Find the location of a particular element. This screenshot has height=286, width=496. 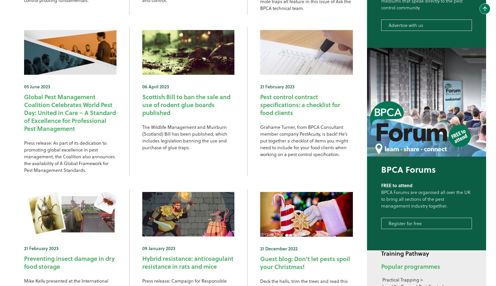

'06 April 2023' is located at coordinates (155, 86).